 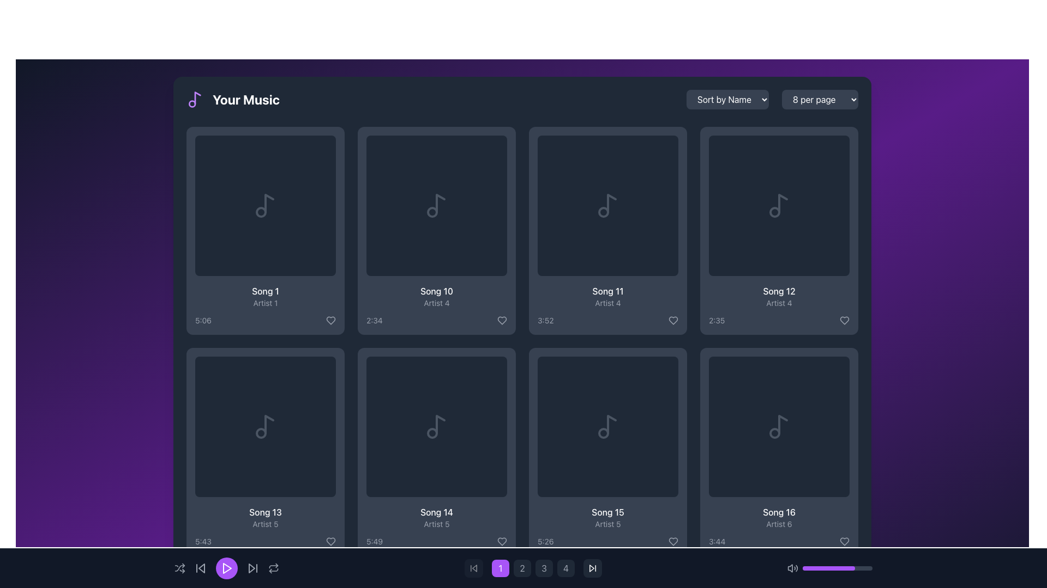 I want to click on the text element displaying the title of the music track 'Song 12', which is located in the far-right position of the first row of the grid layout, so click(x=779, y=291).